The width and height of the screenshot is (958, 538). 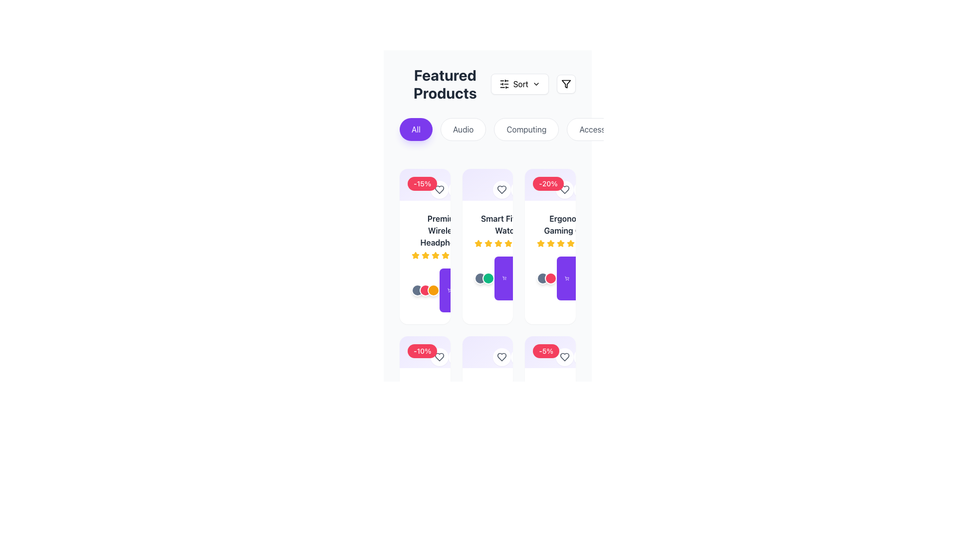 I want to click on the circular button with a white background and heart-shaped icon in the top-right corner of the product card to mark the product as favorite, so click(x=565, y=357).